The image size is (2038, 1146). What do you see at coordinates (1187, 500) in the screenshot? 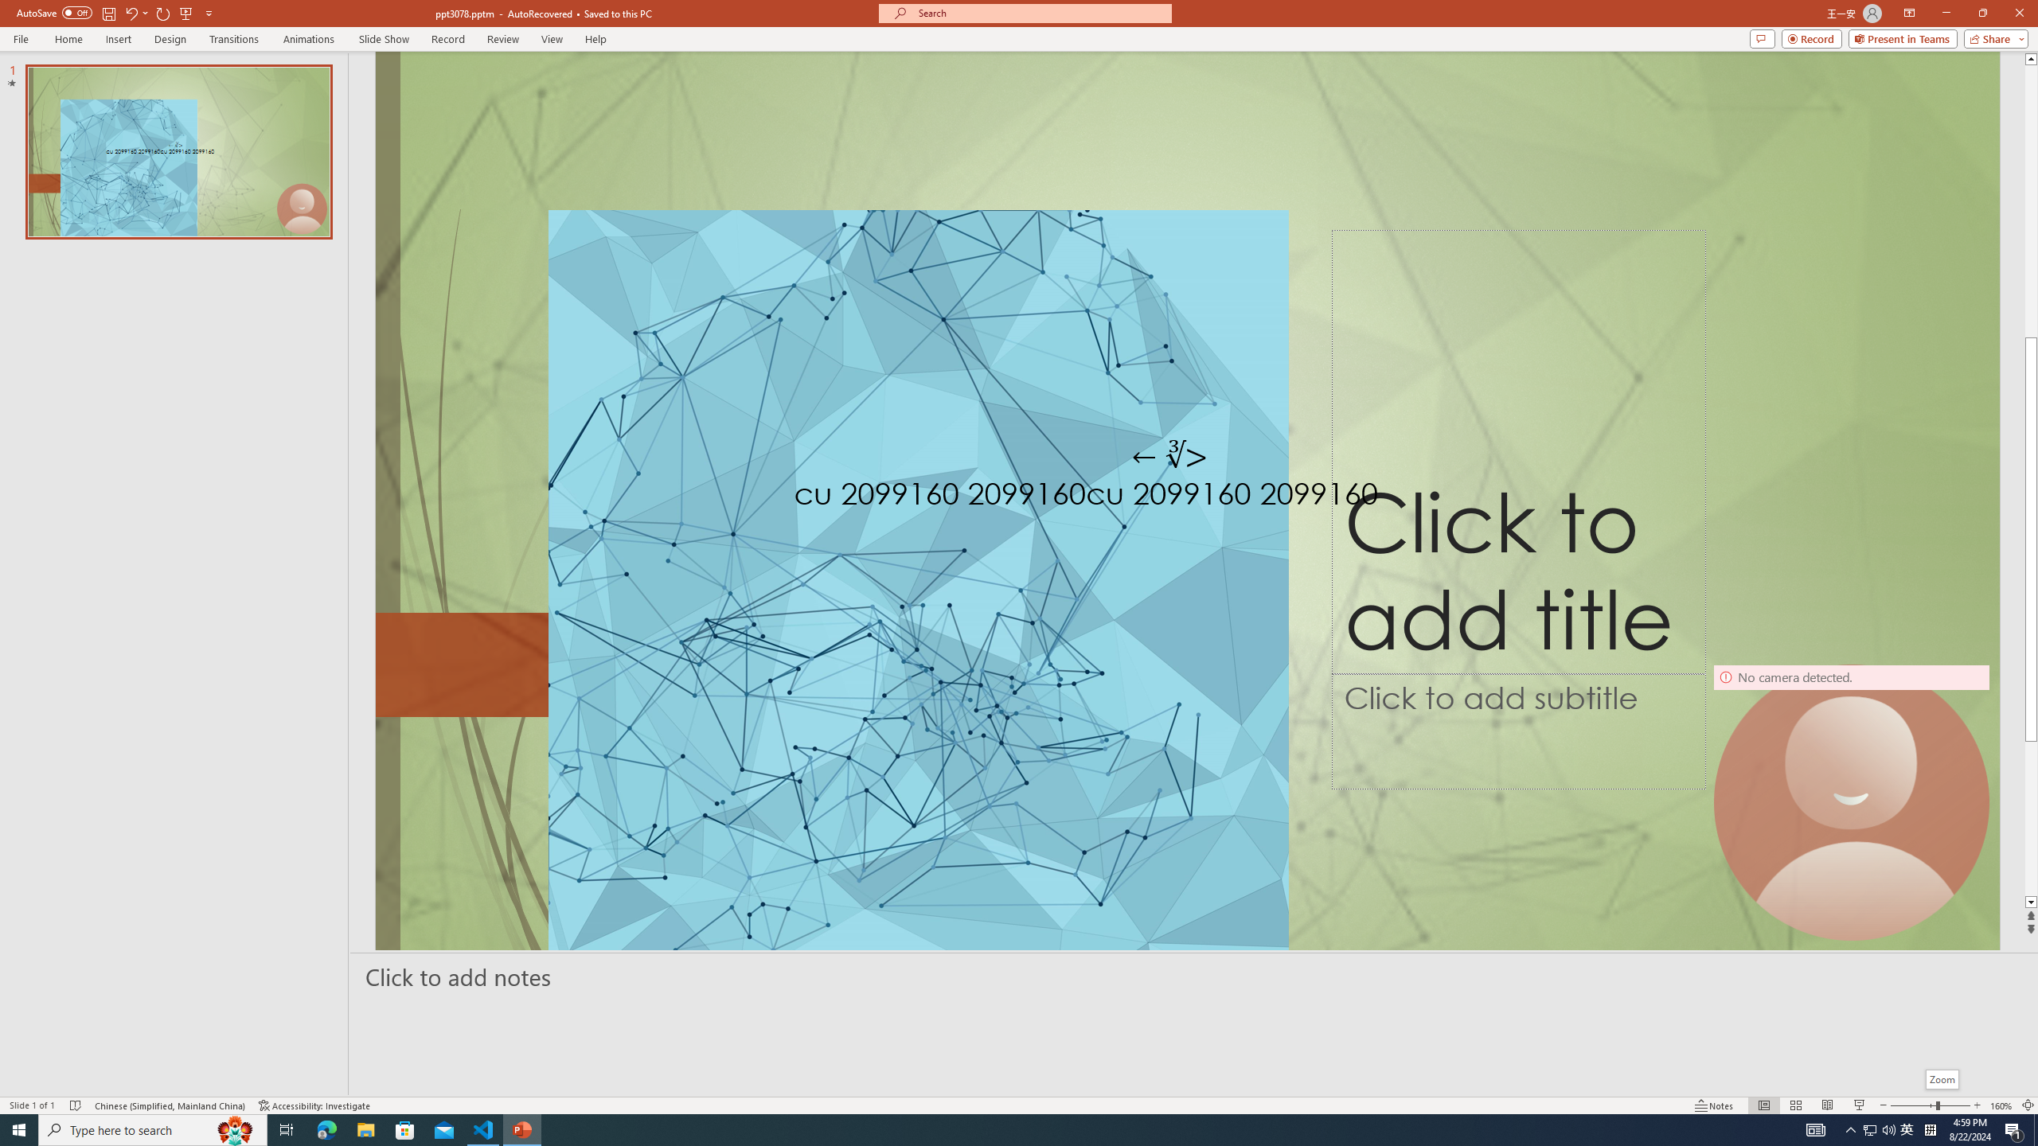
I see `'An abstract genetic concept'` at bounding box center [1187, 500].